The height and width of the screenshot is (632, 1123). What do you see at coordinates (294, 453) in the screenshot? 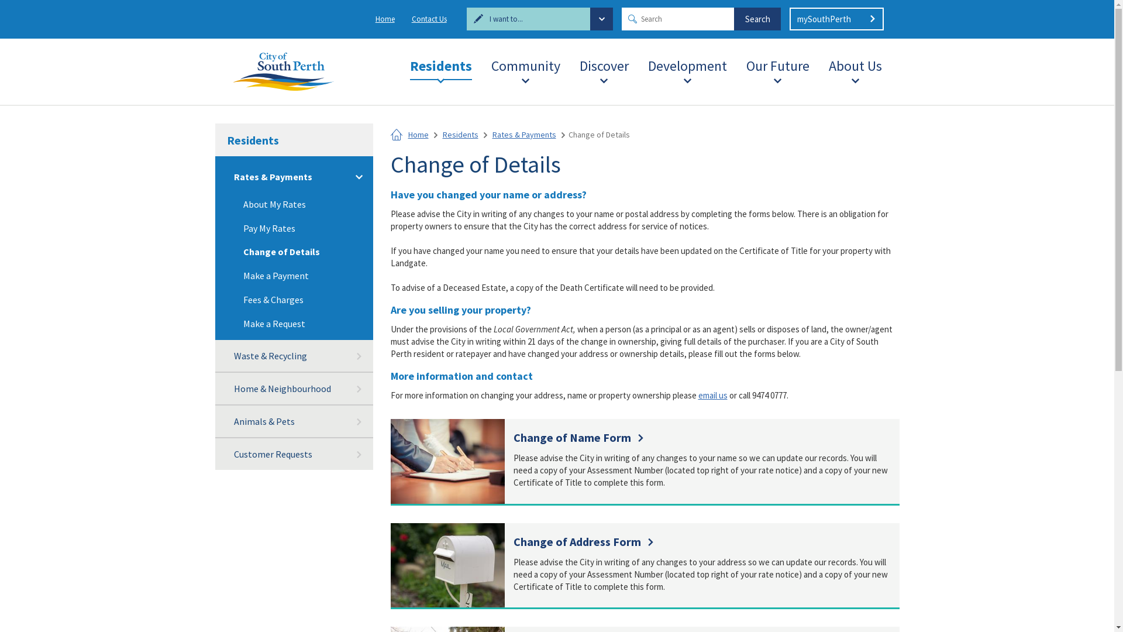
I see `'Customer Requests'` at bounding box center [294, 453].